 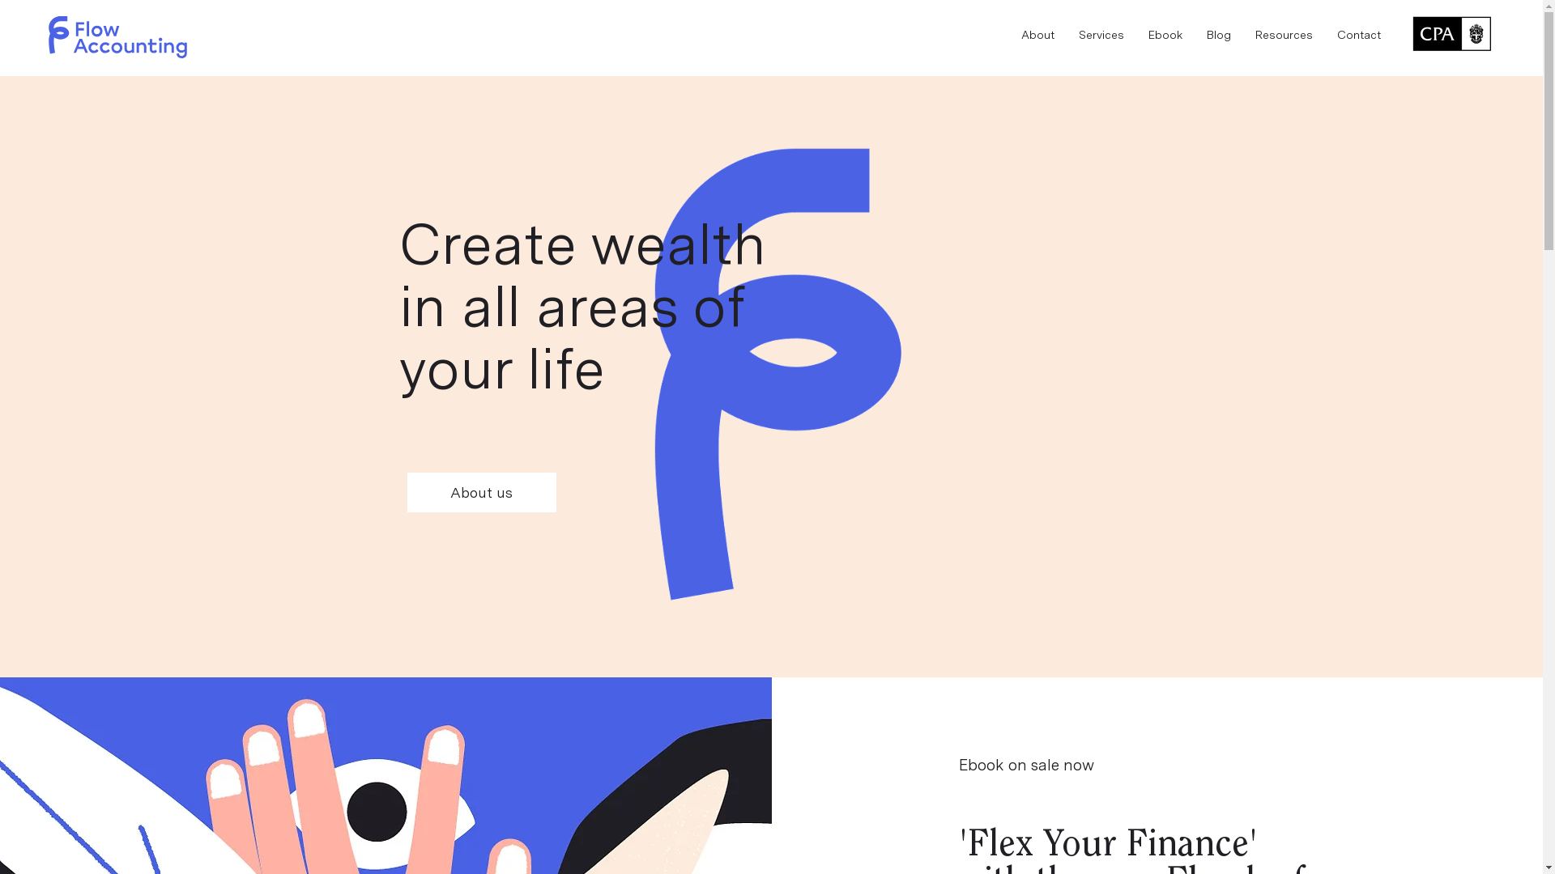 What do you see at coordinates (1219, 35) in the screenshot?
I see `'Blog'` at bounding box center [1219, 35].